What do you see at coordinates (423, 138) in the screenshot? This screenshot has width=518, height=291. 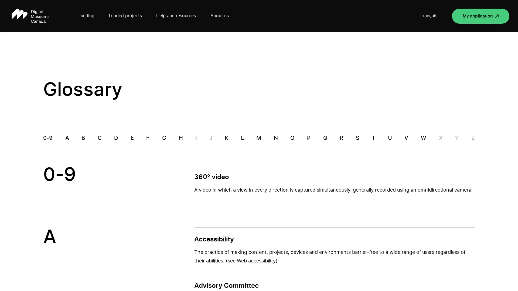 I see `W` at bounding box center [423, 138].